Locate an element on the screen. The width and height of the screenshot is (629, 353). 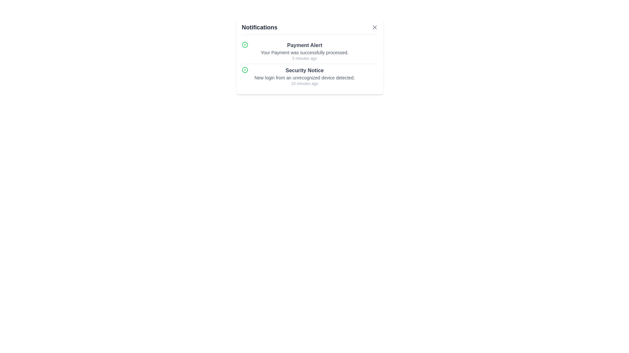
timestamp text label located beneath the descriptive text 'New login from an unrecognized device detected.' in the 'Security Notice' notification entry is located at coordinates (304, 83).